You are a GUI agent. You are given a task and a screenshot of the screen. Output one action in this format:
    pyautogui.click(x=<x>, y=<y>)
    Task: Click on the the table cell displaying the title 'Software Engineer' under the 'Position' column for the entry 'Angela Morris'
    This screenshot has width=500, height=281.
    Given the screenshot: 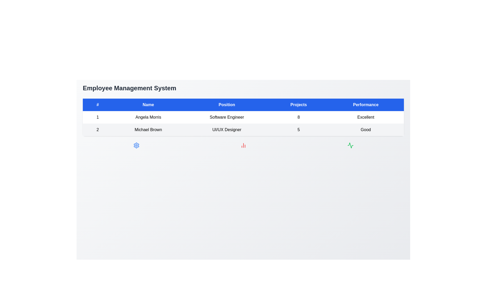 What is the action you would take?
    pyautogui.click(x=227, y=117)
    